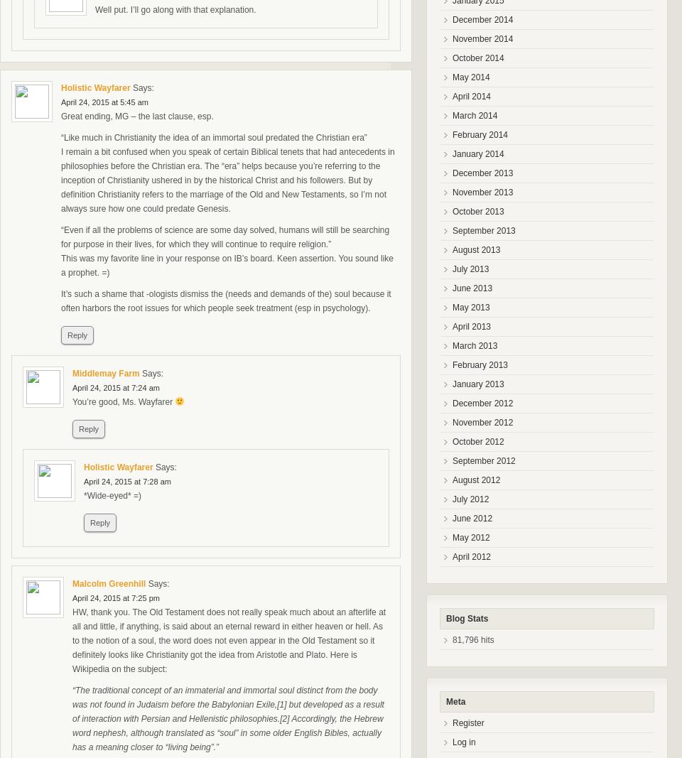 The width and height of the screenshot is (682, 758). What do you see at coordinates (472, 287) in the screenshot?
I see `'June 2013'` at bounding box center [472, 287].